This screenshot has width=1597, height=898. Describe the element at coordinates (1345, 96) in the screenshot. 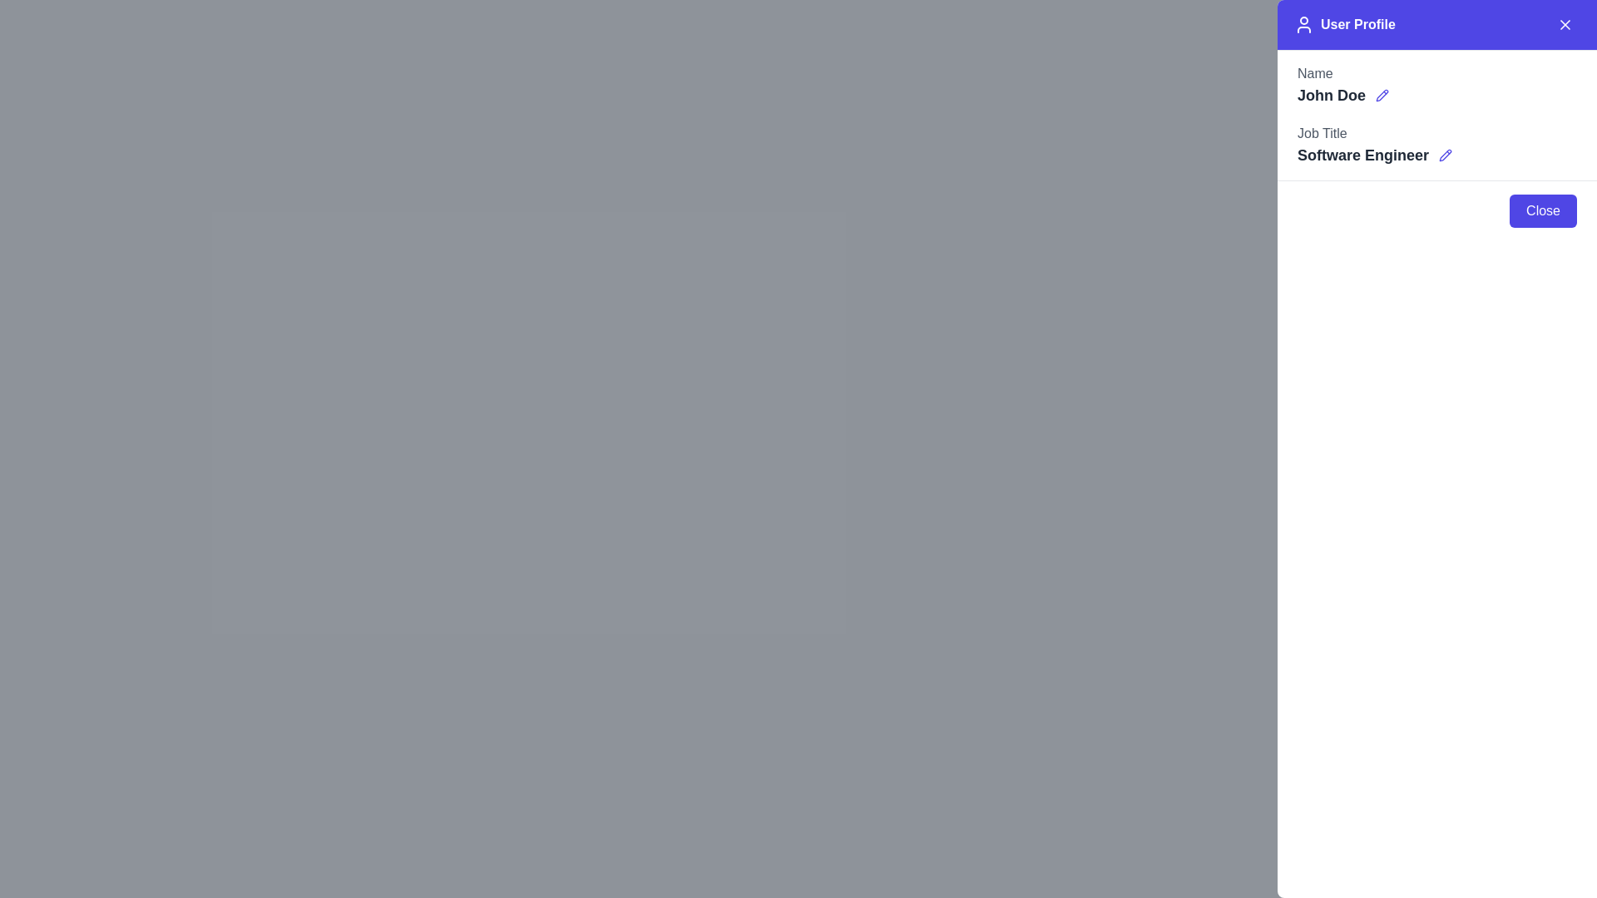

I see `the Text Label with Optional Editing that displays the user's name, located under the header 'Name' in the user profile section` at that location.